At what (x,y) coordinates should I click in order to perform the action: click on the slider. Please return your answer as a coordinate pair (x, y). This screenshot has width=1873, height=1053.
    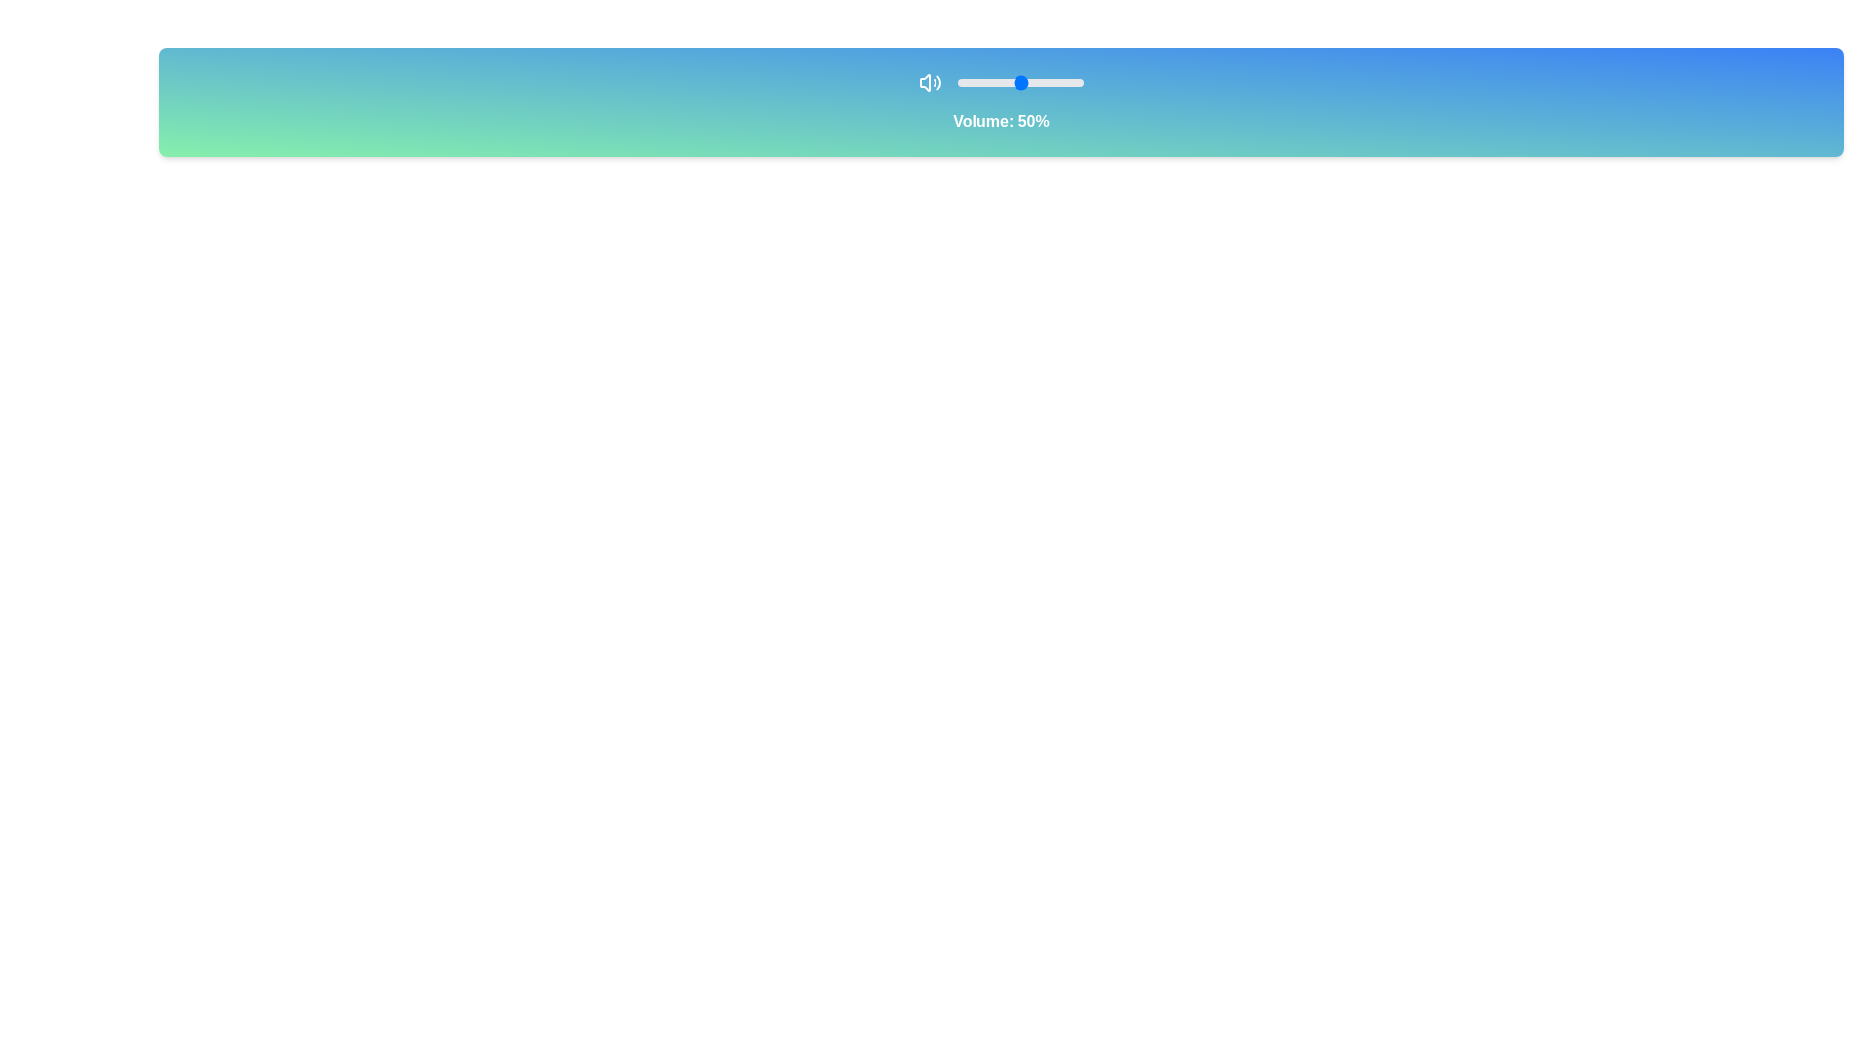
    Looking at the image, I should click on (970, 81).